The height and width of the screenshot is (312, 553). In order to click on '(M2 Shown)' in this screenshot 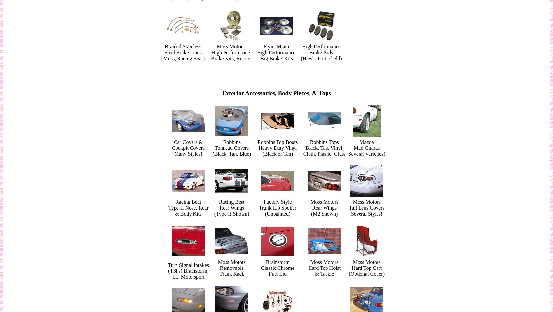, I will do `click(311, 213)`.